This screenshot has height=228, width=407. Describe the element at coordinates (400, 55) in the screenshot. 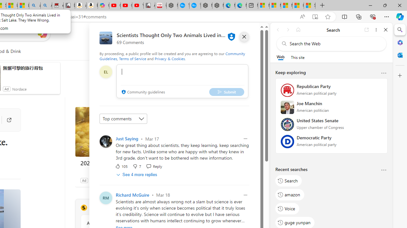

I see `'Outlook'` at that location.